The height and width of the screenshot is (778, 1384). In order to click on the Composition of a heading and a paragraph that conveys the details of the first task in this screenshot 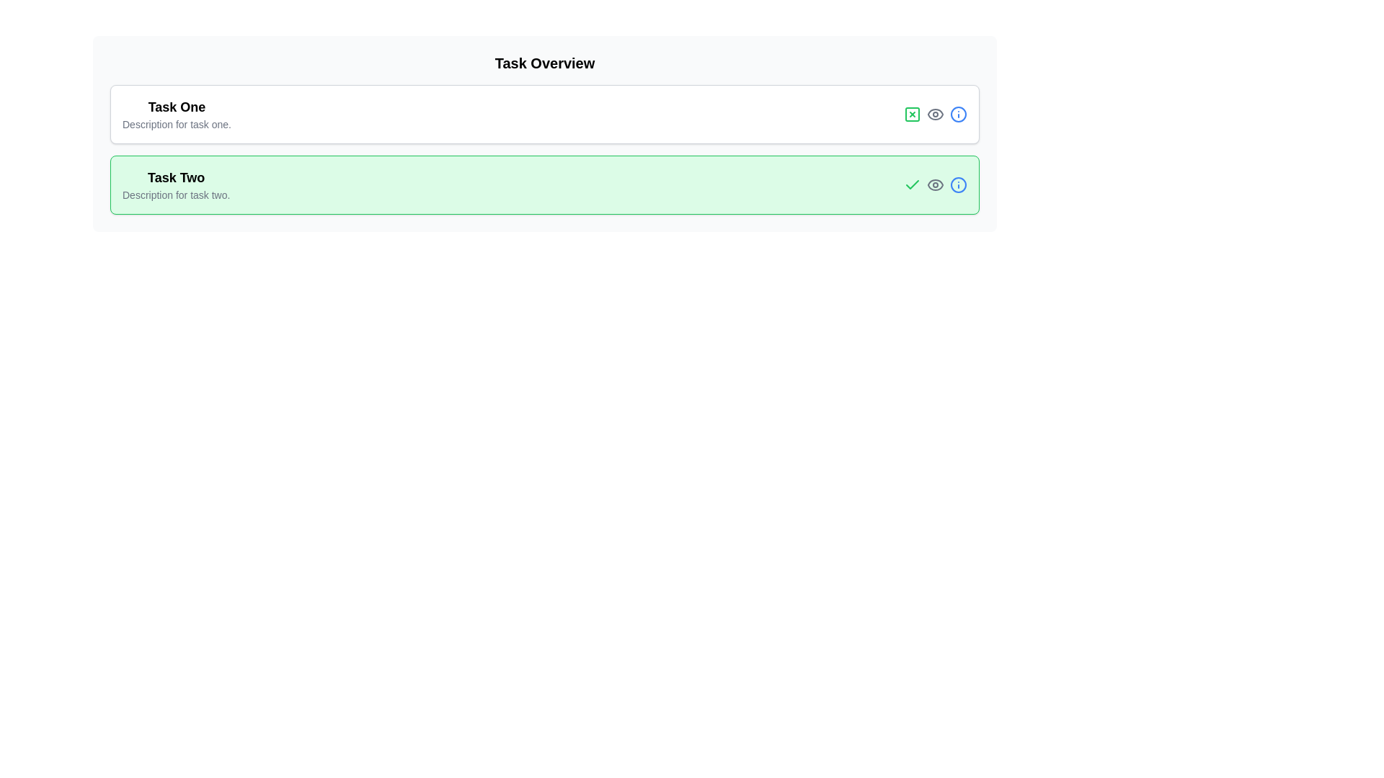, I will do `click(176, 113)`.